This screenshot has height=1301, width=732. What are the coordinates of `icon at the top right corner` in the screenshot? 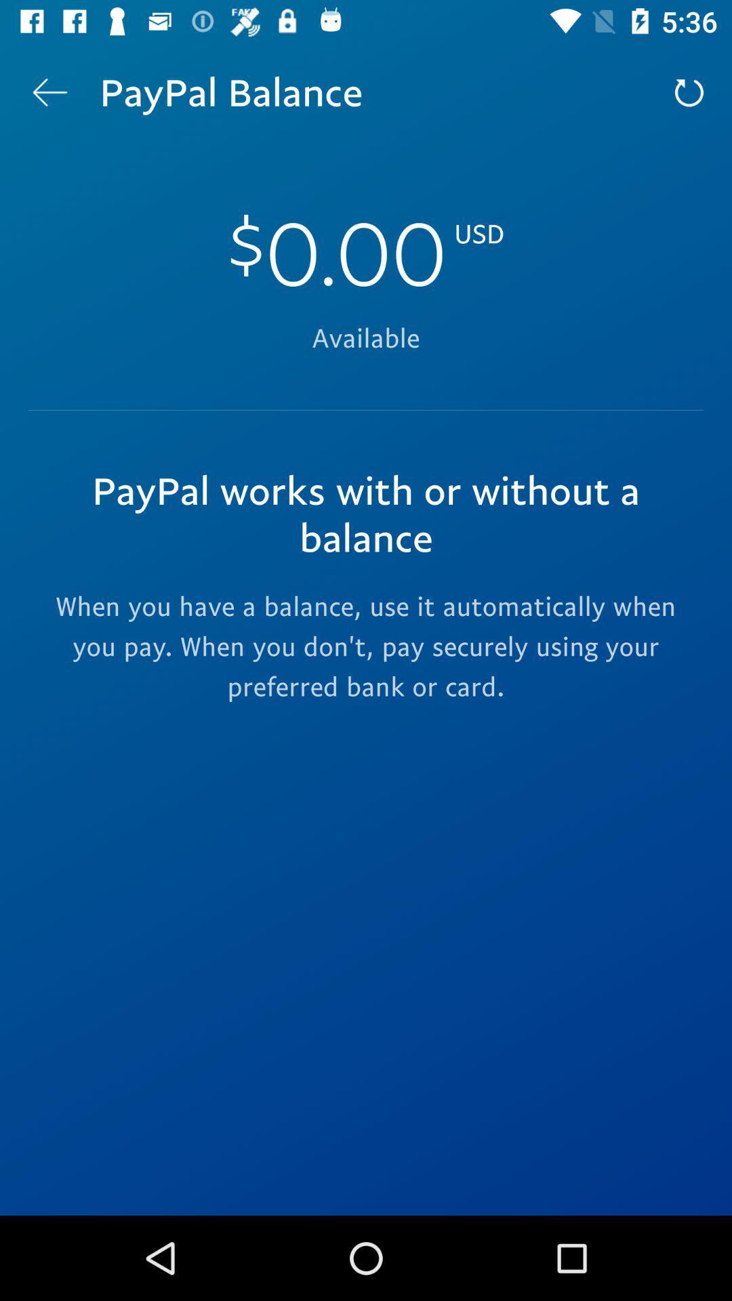 It's located at (689, 91).